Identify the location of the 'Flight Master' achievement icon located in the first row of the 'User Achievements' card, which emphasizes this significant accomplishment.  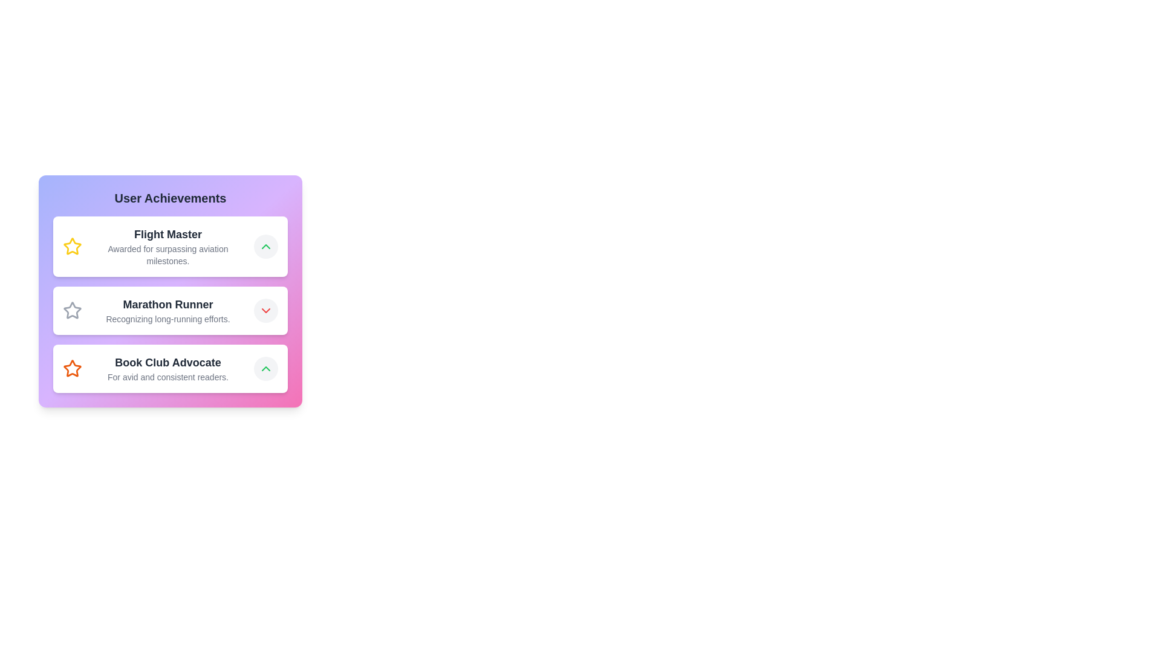
(72, 245).